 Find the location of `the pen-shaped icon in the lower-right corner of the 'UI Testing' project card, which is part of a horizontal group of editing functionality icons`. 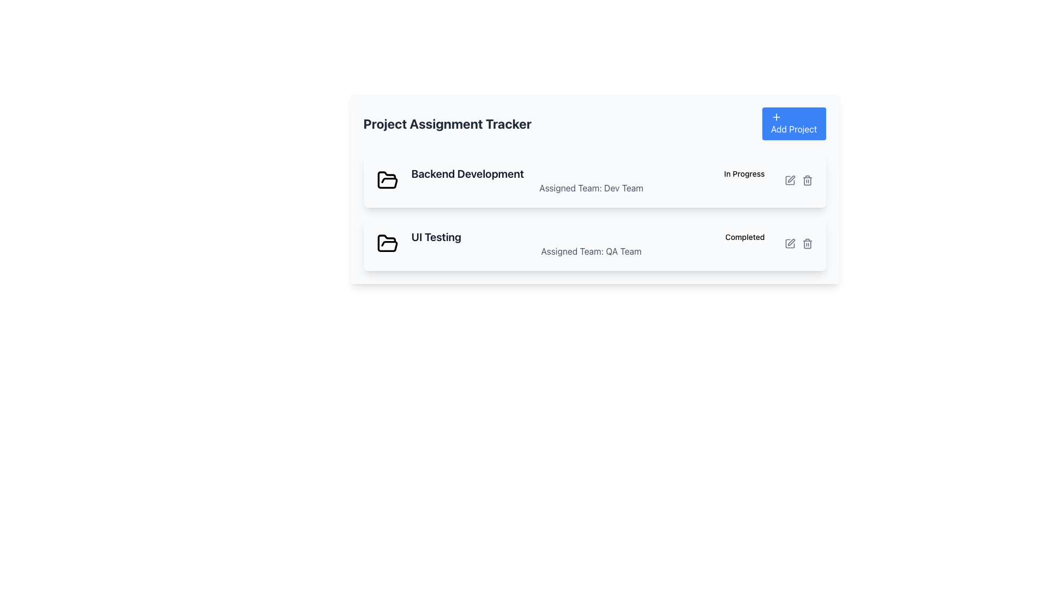

the pen-shaped icon in the lower-right corner of the 'UI Testing' project card, which is part of a horizontal group of editing functionality icons is located at coordinates (791, 242).